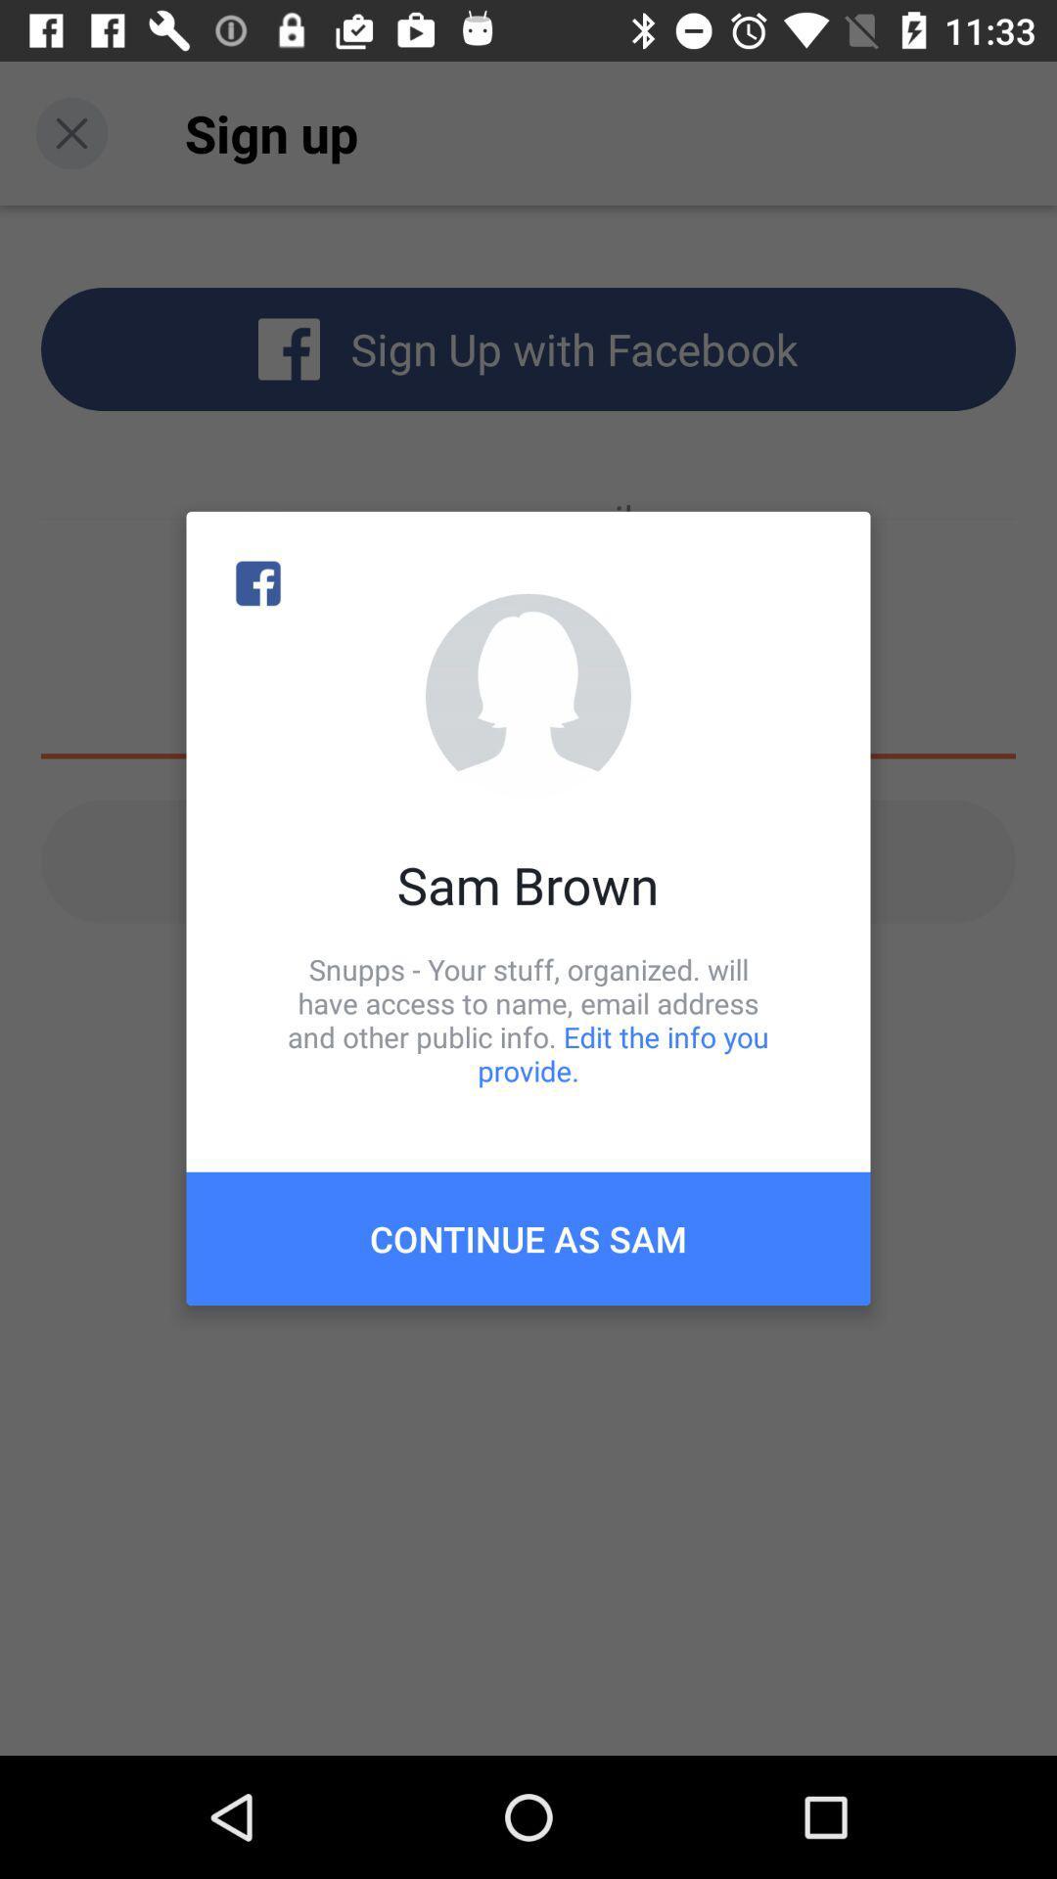 Image resolution: width=1057 pixels, height=1879 pixels. Describe the element at coordinates (528, 1019) in the screenshot. I see `the item below the sam brown` at that location.